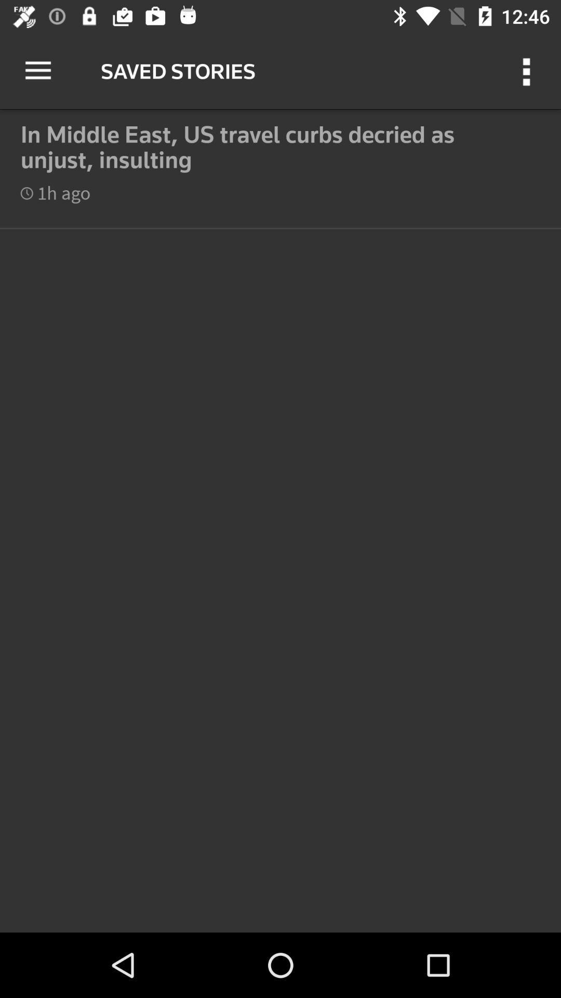  I want to click on the icon next to the saved stories icon, so click(528, 70).